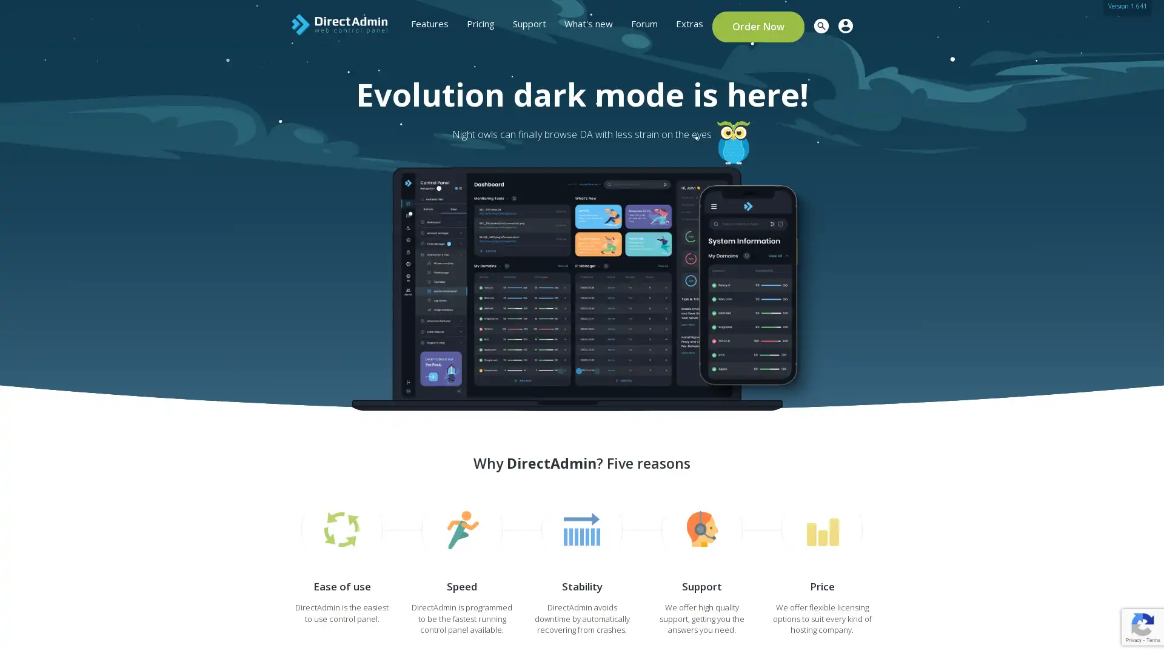  I want to click on See more, so click(273, 279).